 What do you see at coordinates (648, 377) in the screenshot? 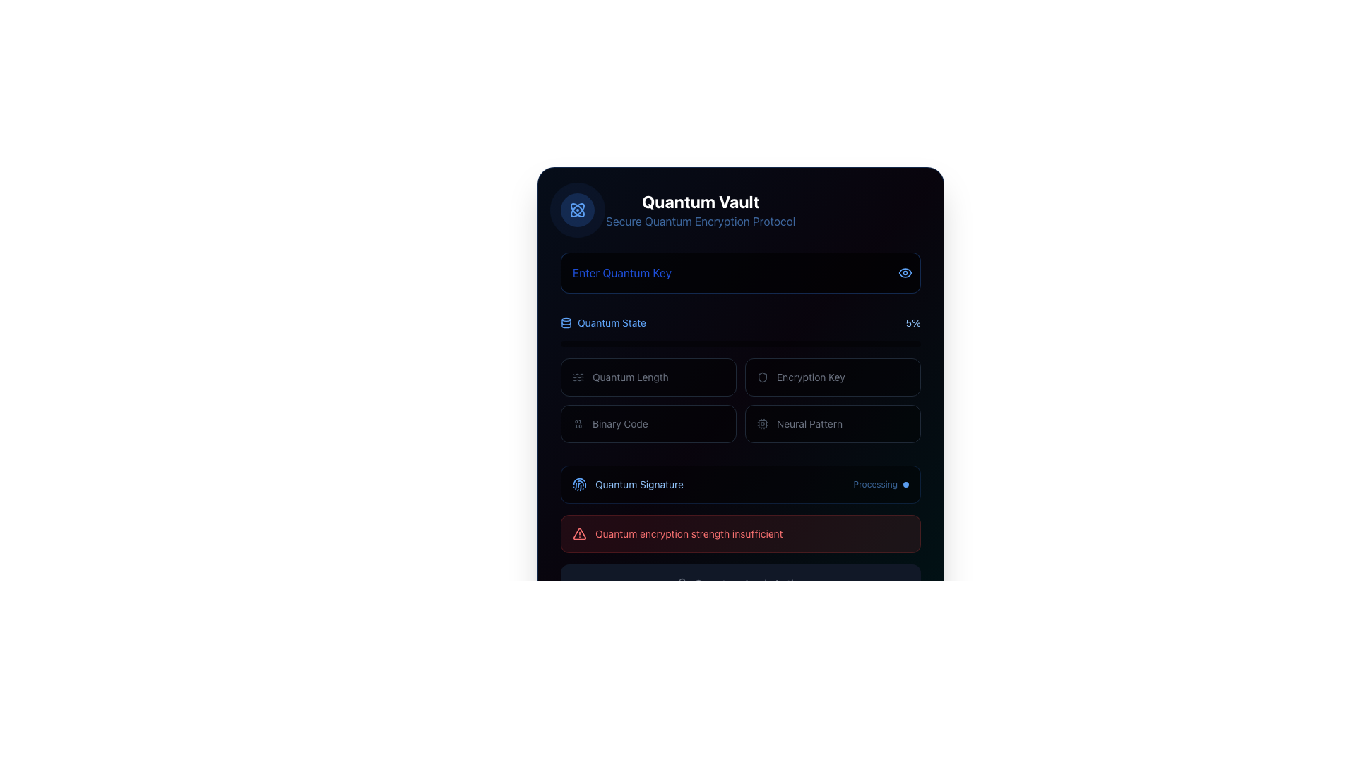
I see `the 'Quantum Length' label with its associated icon, which is located at the top-left cell of the grid layout, directly below the 'Quantum State' section` at bounding box center [648, 377].